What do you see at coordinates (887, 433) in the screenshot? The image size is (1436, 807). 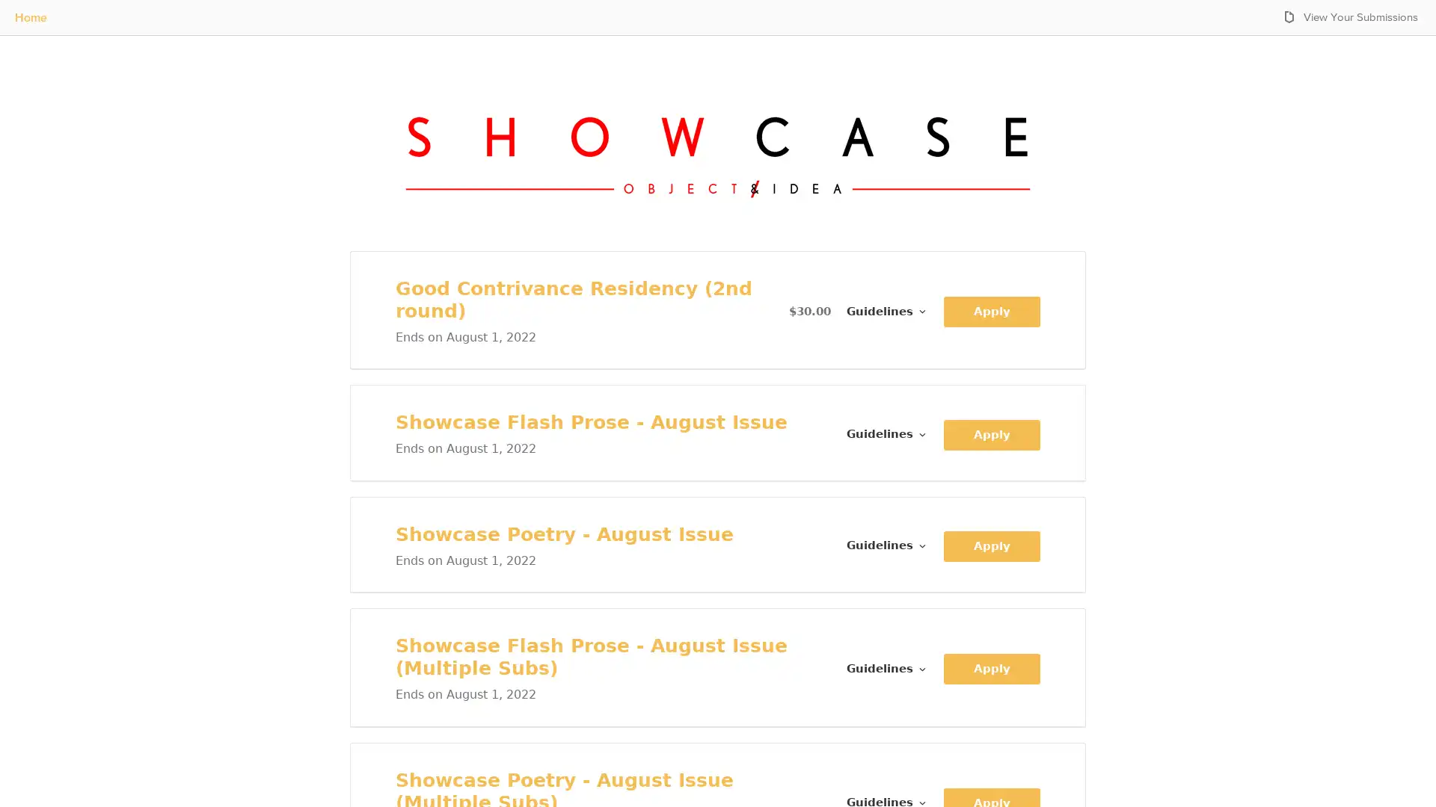 I see `Guidelines for Showcase Flash Prose - August Issue` at bounding box center [887, 433].